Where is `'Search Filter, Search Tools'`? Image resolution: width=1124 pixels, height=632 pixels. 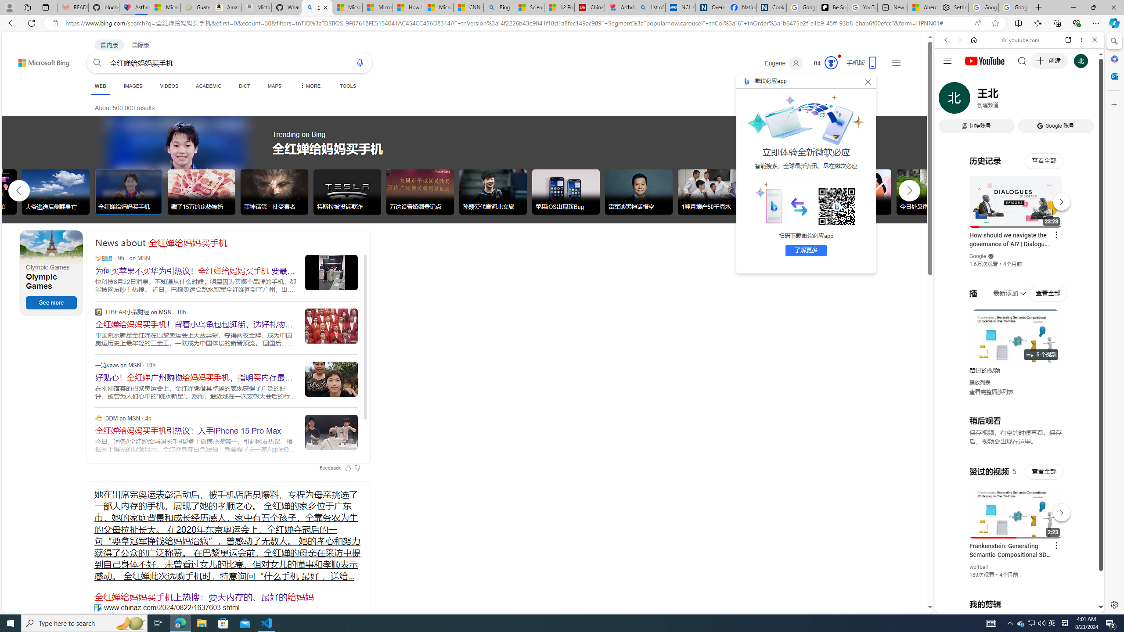 'Search Filter, Search Tools' is located at coordinates (1042, 100).